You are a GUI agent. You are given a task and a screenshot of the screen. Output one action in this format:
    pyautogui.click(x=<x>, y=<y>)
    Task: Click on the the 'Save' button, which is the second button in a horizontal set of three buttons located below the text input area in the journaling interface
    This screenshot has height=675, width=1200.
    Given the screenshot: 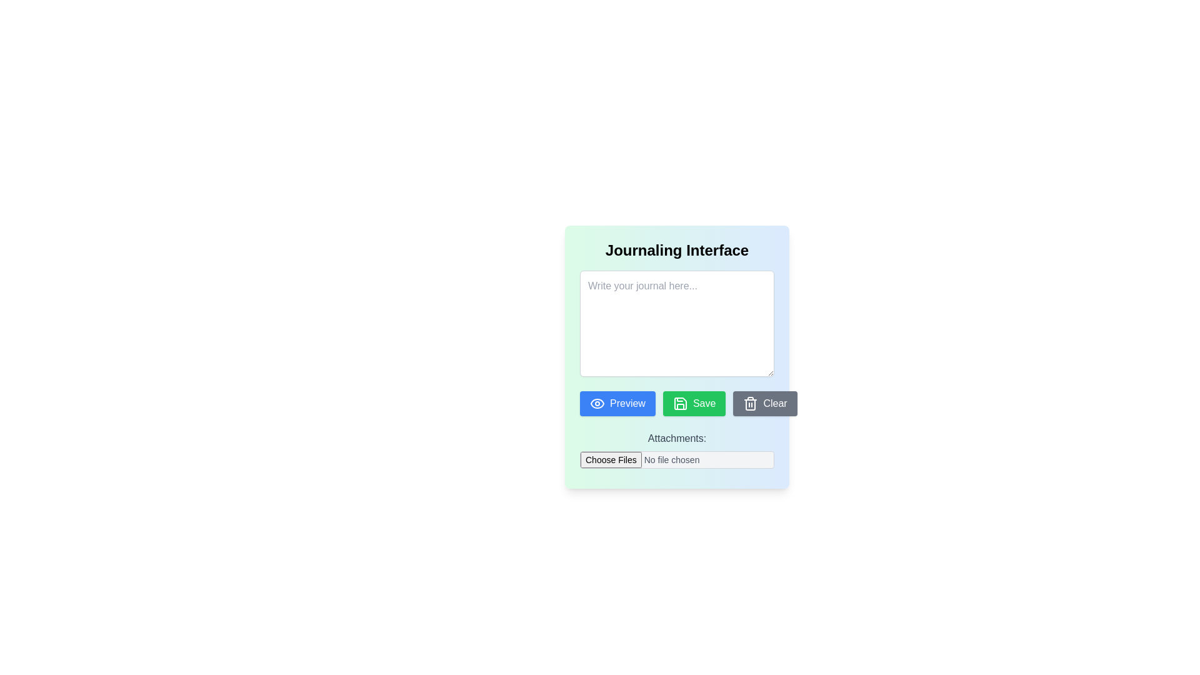 What is the action you would take?
    pyautogui.click(x=676, y=403)
    